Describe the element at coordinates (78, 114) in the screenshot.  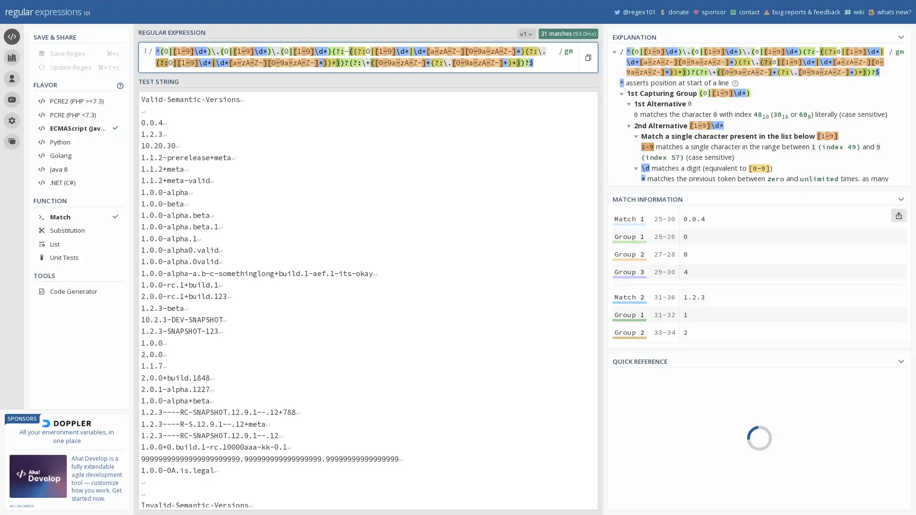
I see `PCRE (PHP <7.3)` at that location.